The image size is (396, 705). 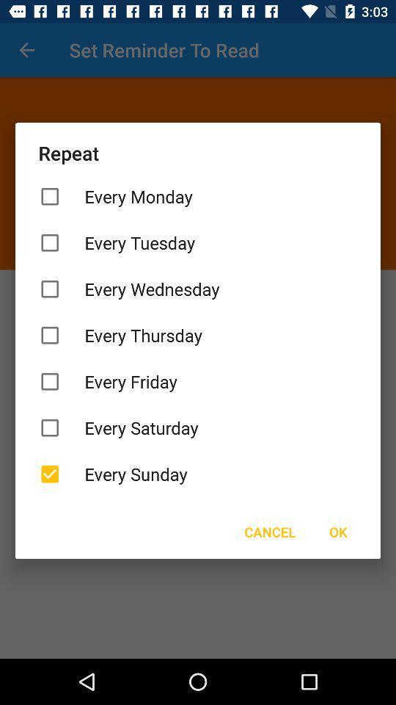 I want to click on item below the every sunday item, so click(x=338, y=531).